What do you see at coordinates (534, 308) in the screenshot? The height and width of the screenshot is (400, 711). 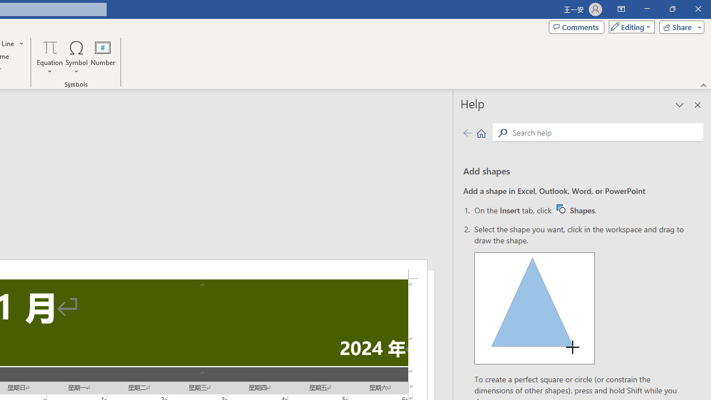 I see `'Drawing a shape'` at bounding box center [534, 308].